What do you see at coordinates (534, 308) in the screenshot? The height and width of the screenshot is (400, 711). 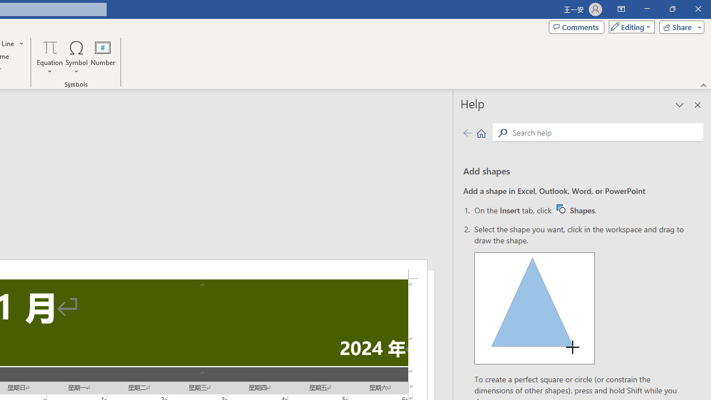 I see `'Drawing a shape'` at bounding box center [534, 308].